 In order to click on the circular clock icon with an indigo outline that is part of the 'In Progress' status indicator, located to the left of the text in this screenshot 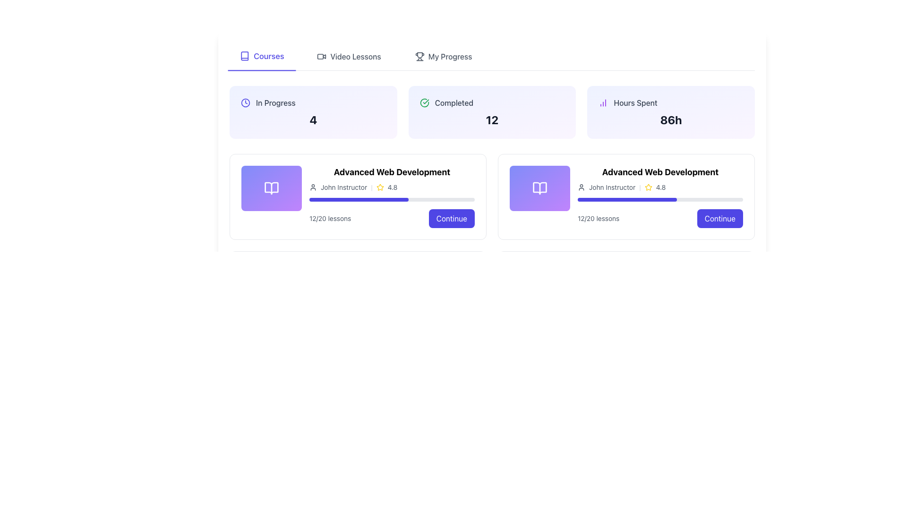, I will do `click(245, 103)`.